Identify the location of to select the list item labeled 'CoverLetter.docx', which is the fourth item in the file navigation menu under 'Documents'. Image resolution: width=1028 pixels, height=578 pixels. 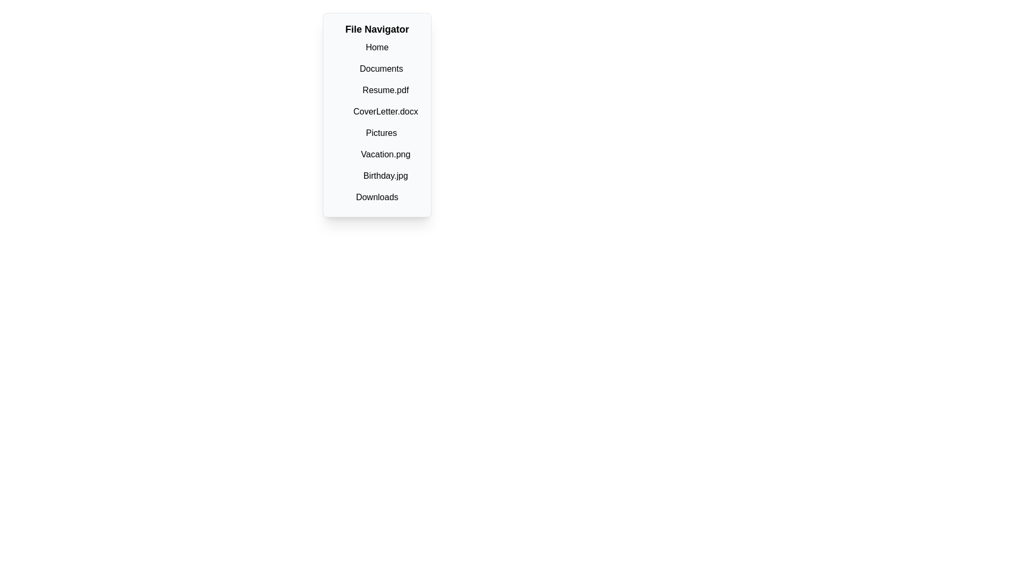
(377, 111).